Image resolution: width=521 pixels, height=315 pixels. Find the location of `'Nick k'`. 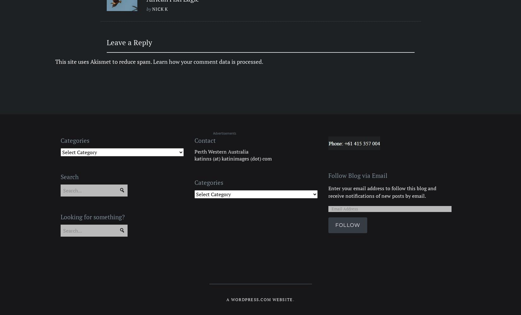

'Nick k' is located at coordinates (159, 9).